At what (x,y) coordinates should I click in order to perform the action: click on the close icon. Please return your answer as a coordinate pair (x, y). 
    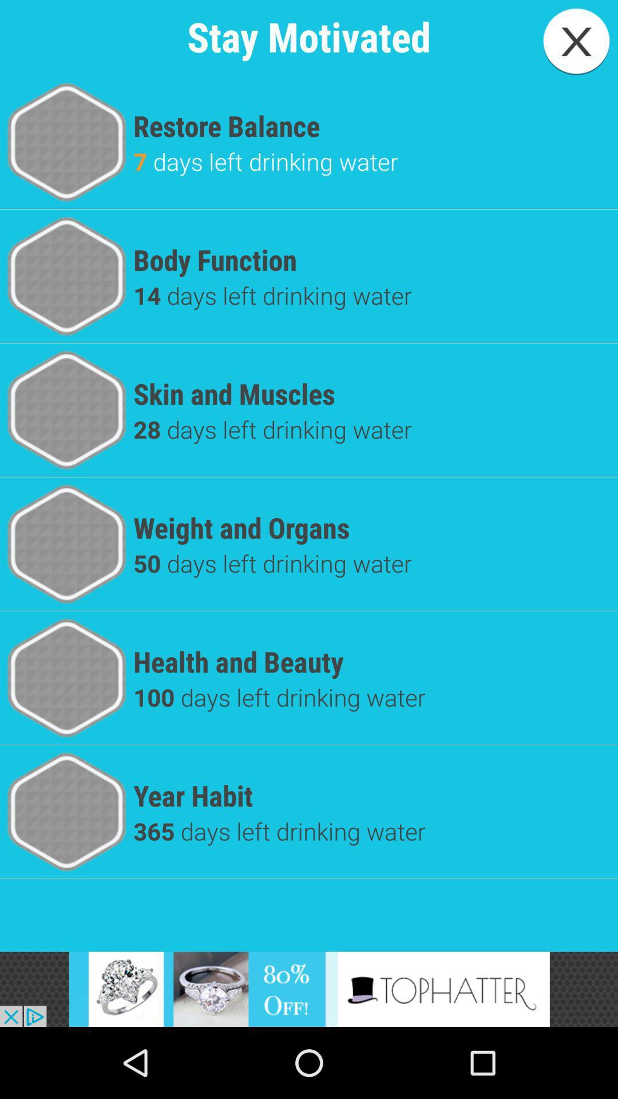
    Looking at the image, I should click on (576, 41).